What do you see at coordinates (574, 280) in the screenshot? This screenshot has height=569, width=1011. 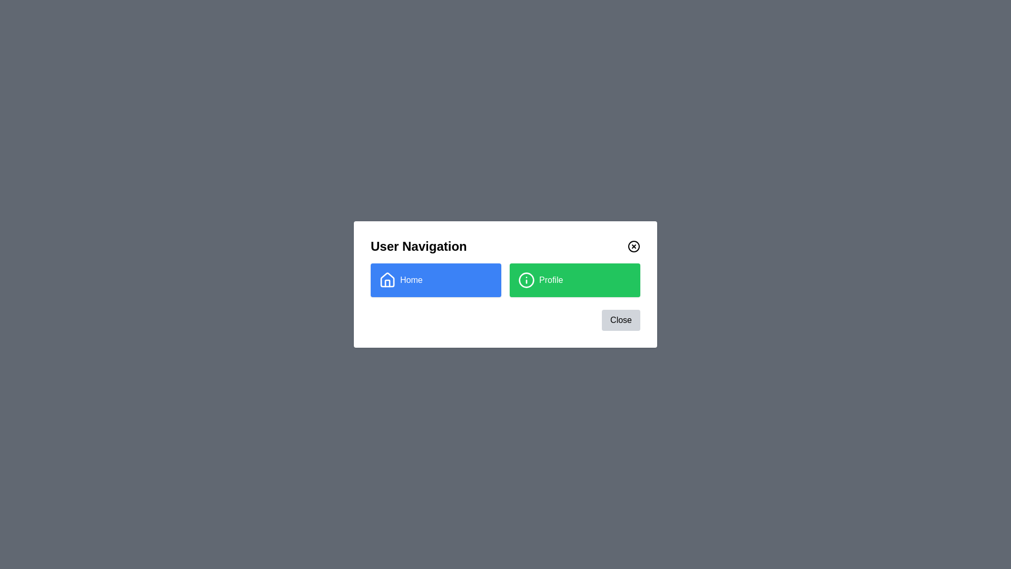 I see `the 'Profile' button` at bounding box center [574, 280].